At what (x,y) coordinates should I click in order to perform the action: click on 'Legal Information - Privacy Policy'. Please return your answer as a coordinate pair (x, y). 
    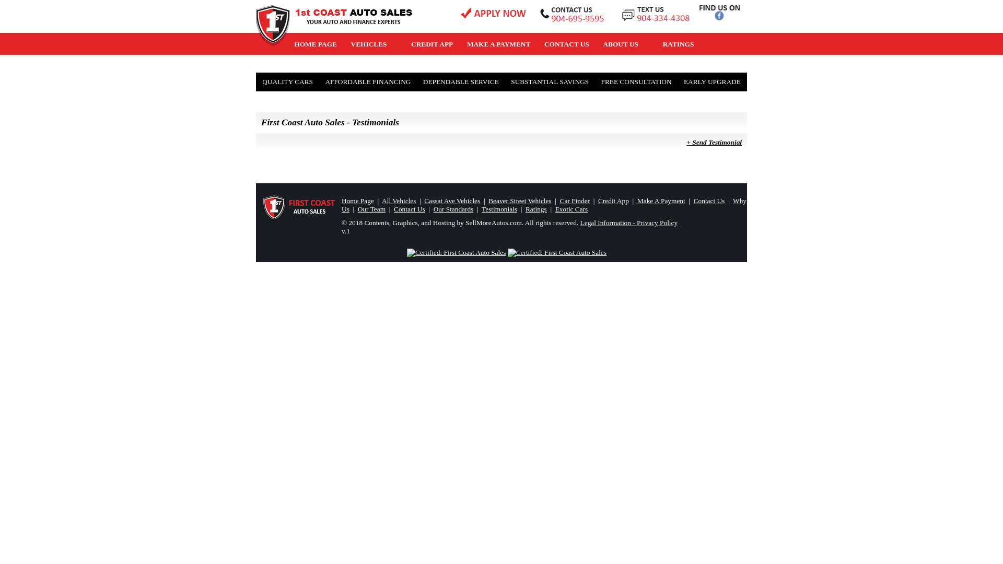
    Looking at the image, I should click on (628, 222).